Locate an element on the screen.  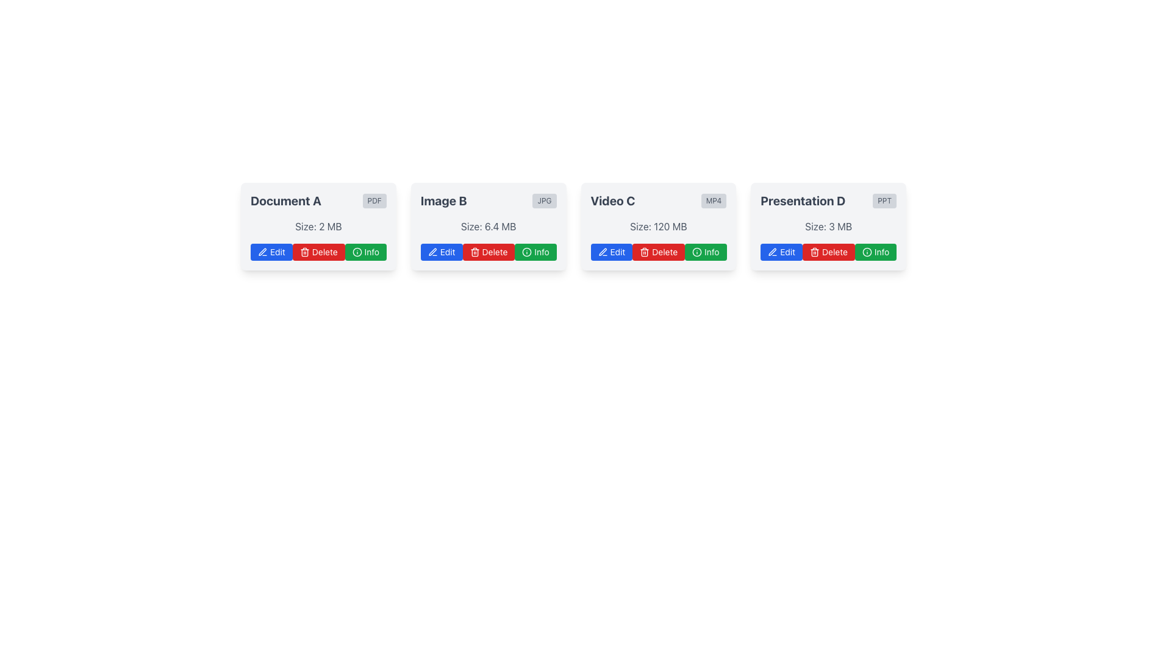
text content of the Title and badge which consists of the label 'Presentation D' in bold and large font with a small gray badge labeled 'PPT' on the right, located in the fourth item of a horizontally arranged list of content cards is located at coordinates (828, 200).